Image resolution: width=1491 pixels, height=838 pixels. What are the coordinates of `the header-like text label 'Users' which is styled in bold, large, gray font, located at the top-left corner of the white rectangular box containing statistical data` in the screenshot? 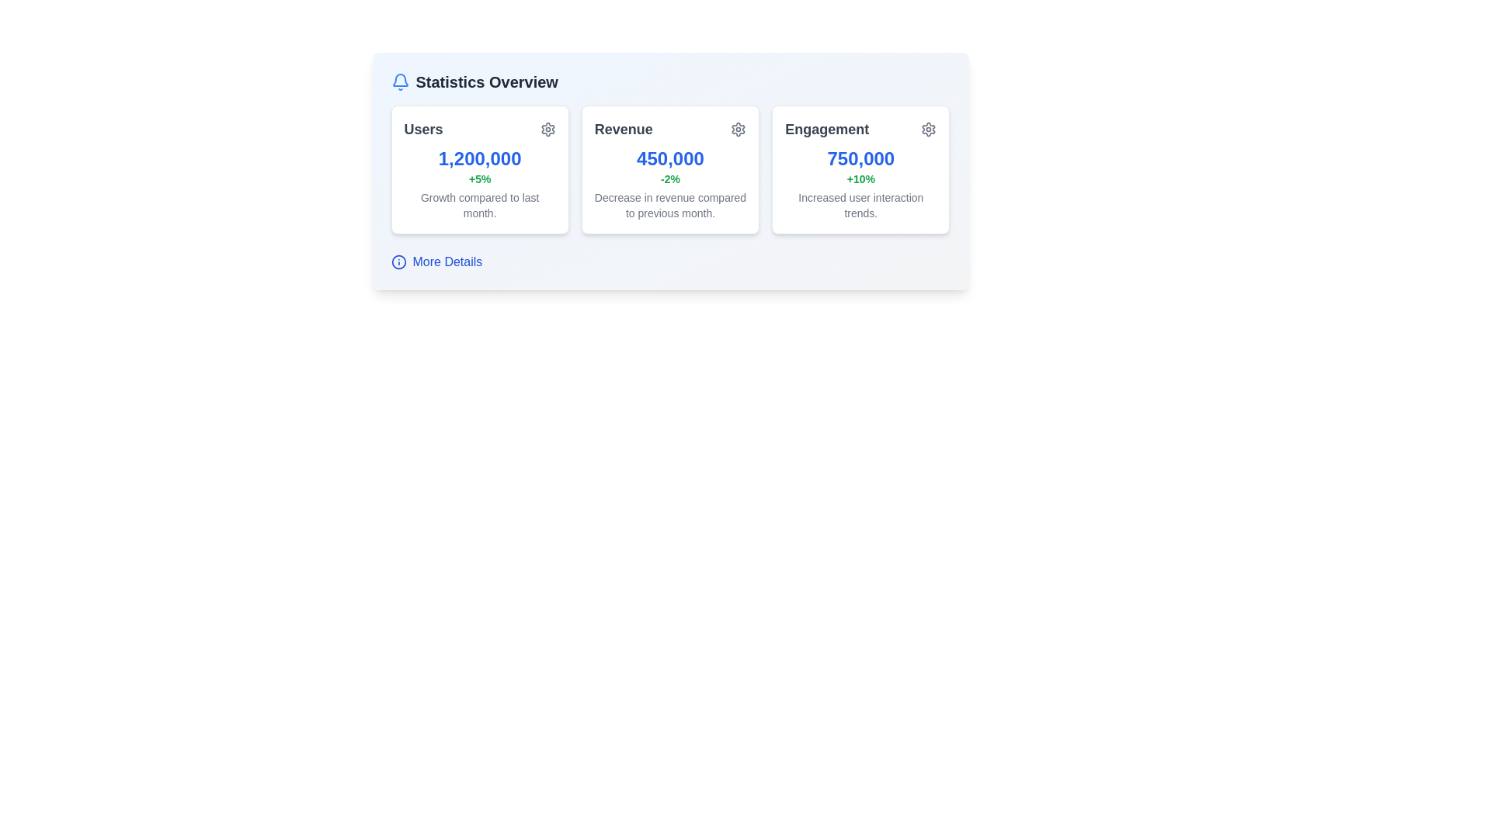 It's located at (423, 128).